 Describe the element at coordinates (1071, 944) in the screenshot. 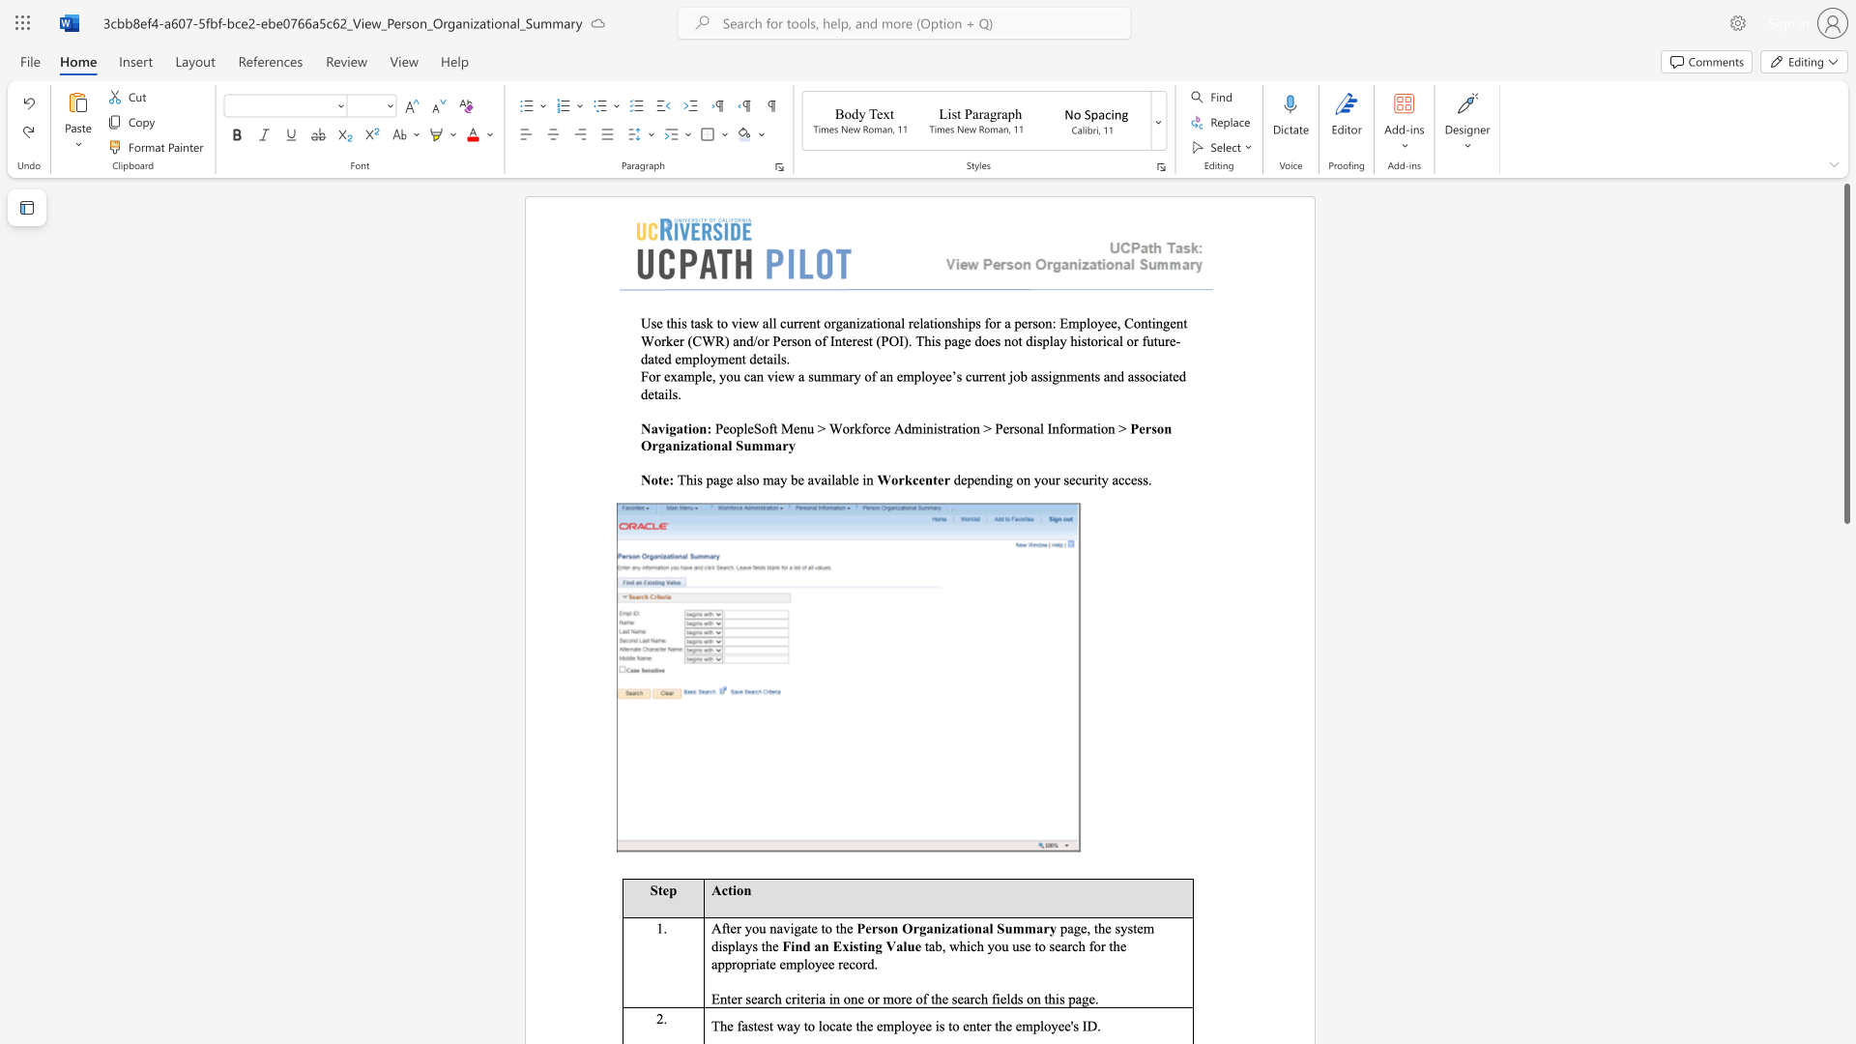

I see `the subset text "ch for the appropriate employee r" within the text "tab, which you use to search for the appropriate employee record."` at that location.